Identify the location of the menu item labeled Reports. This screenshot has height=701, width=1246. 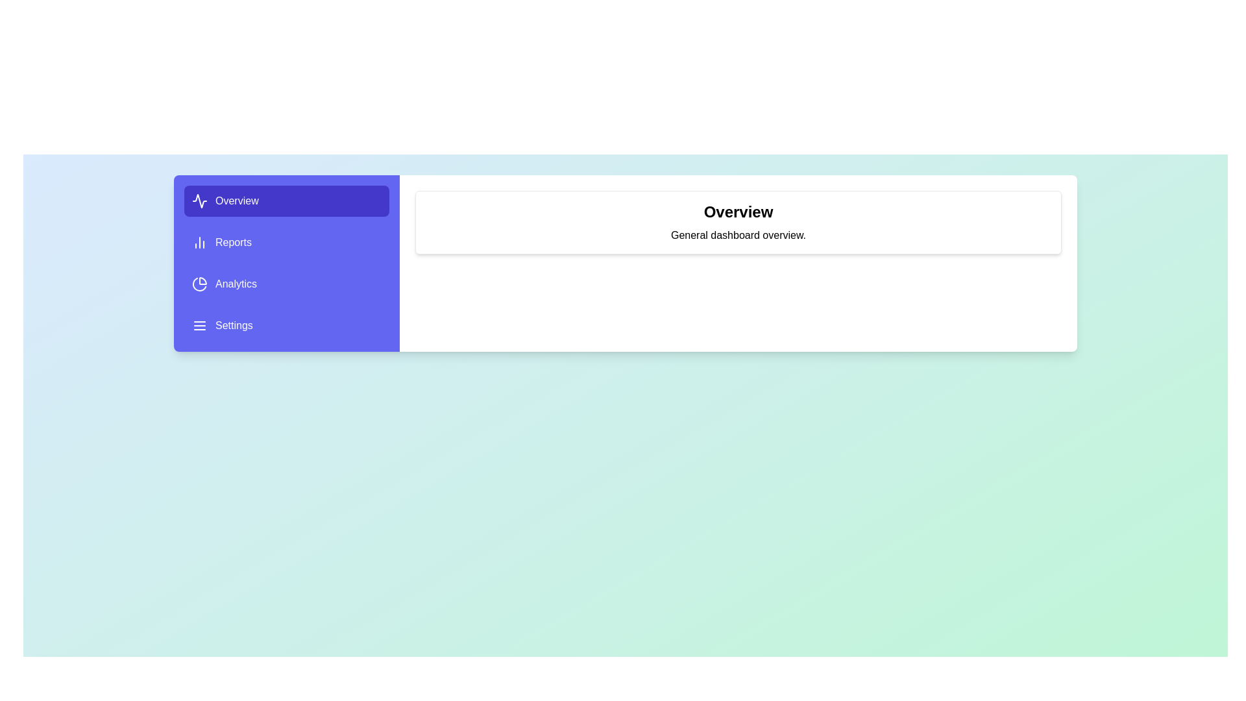
(286, 243).